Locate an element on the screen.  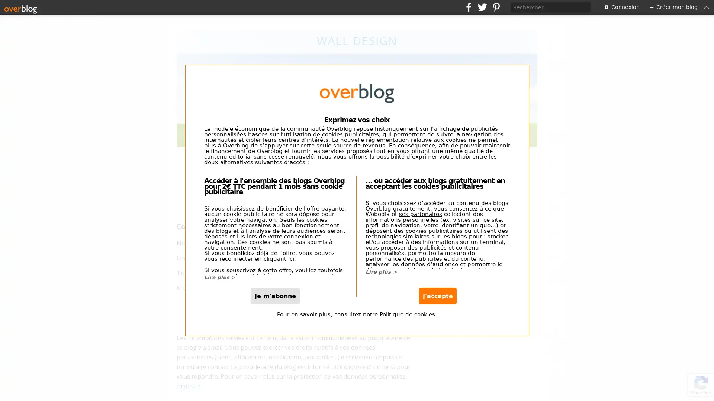
J'accepte is located at coordinates (437, 295).